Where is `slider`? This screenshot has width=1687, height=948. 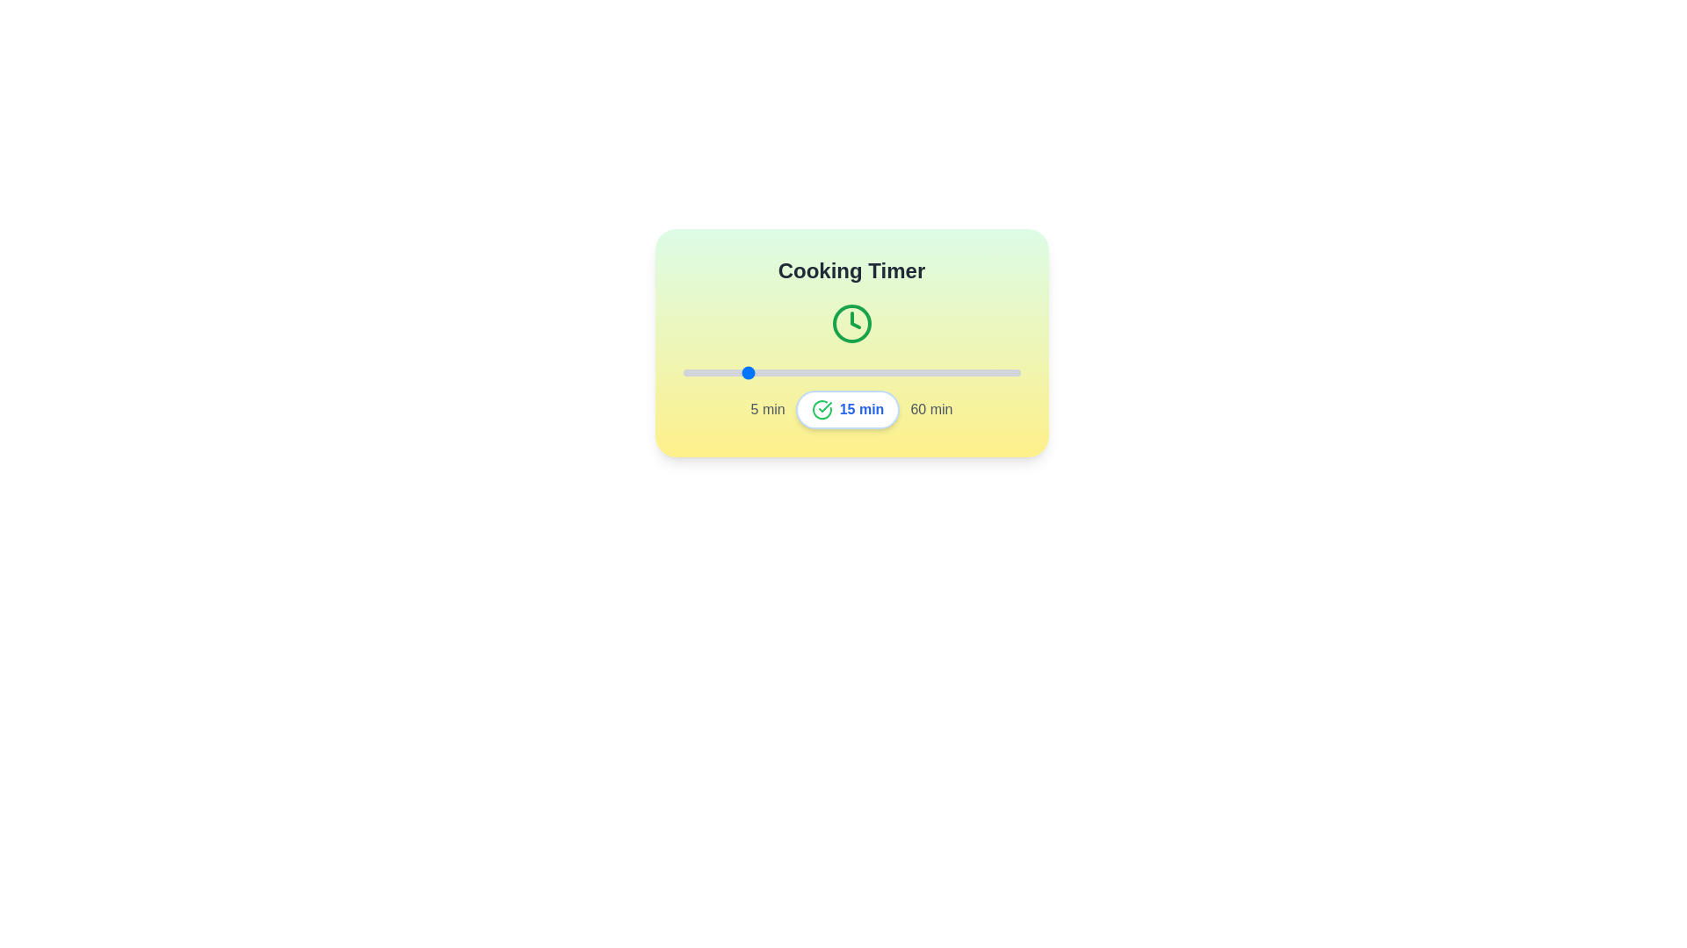
slider is located at coordinates (817, 371).